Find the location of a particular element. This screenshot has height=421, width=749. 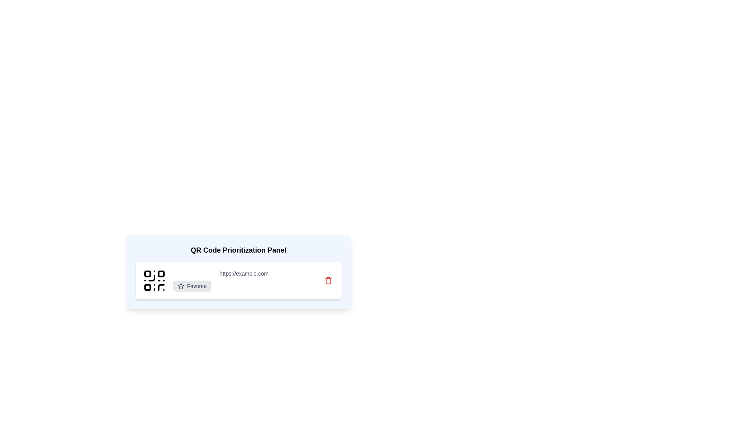

the gray button with rounded corners labeled 'Favorite' to mark it as favorite is located at coordinates (192, 286).